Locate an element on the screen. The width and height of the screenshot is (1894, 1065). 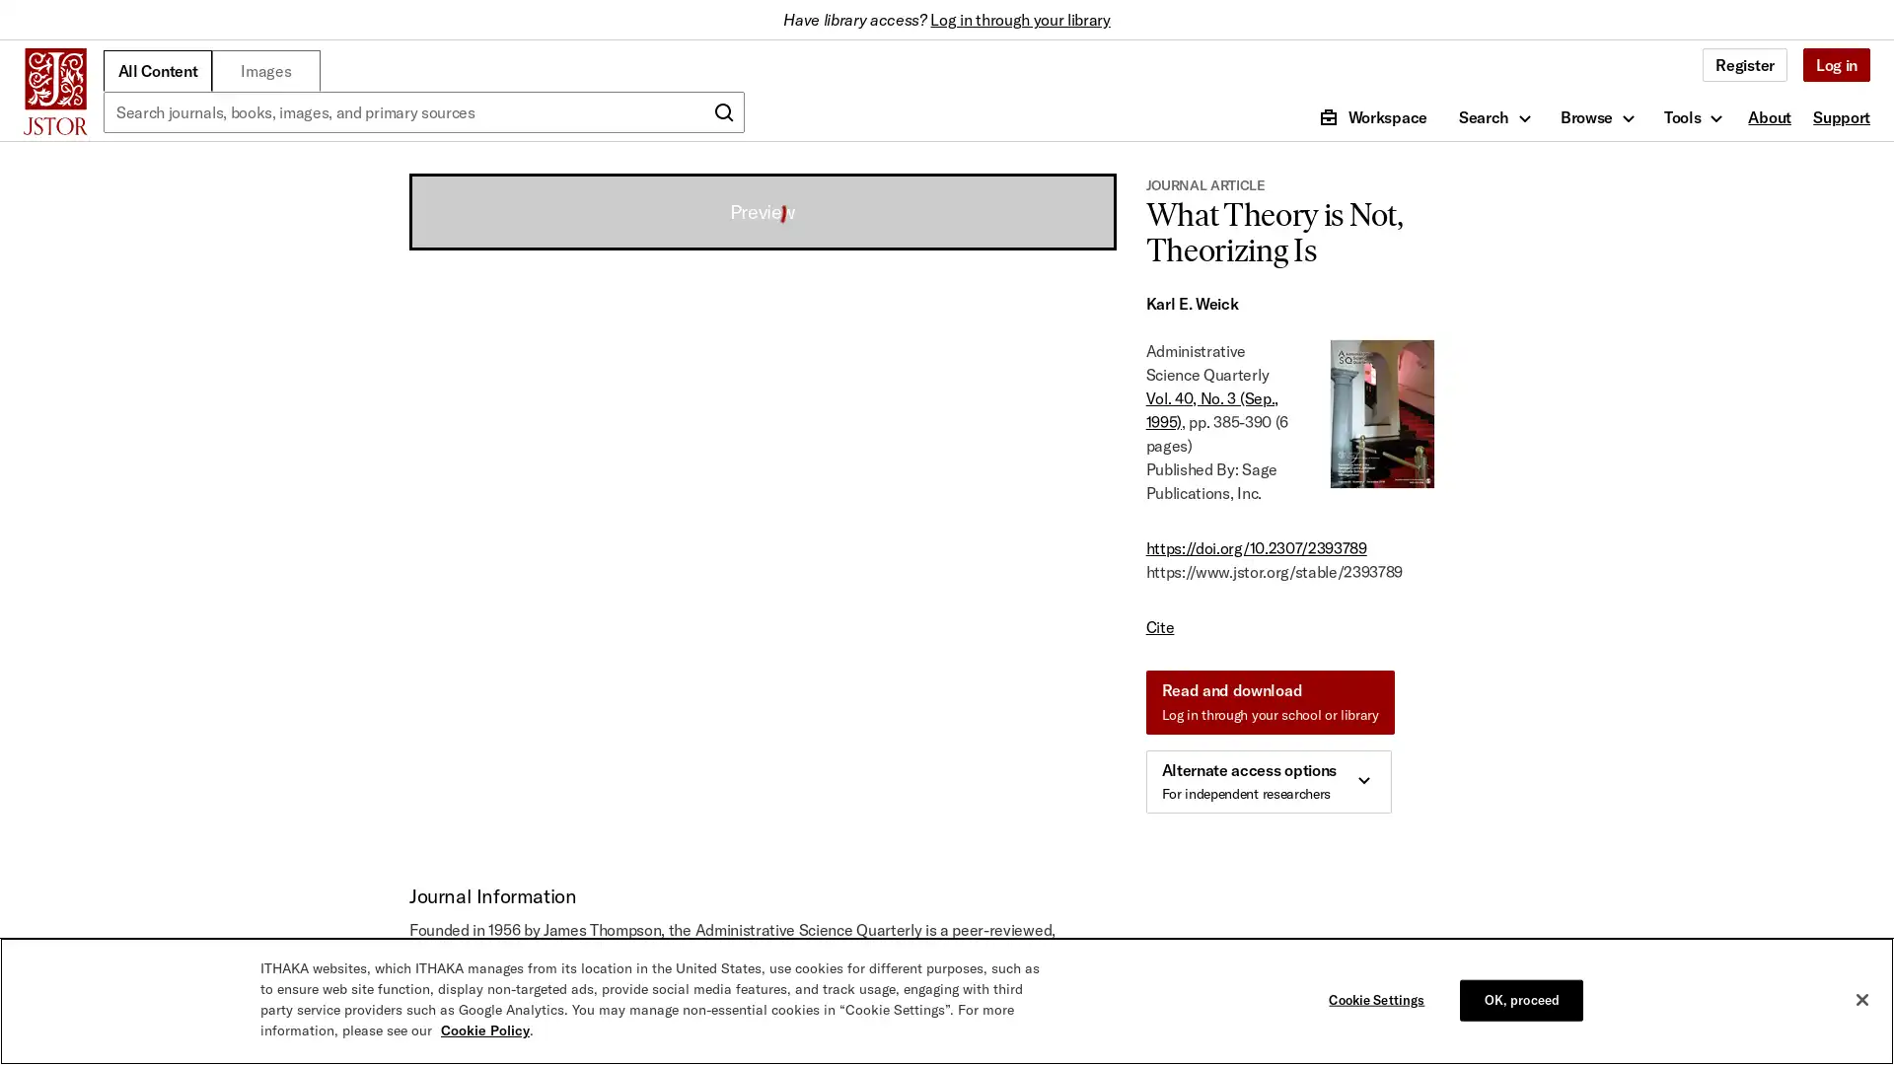
Register is located at coordinates (1744, 63).